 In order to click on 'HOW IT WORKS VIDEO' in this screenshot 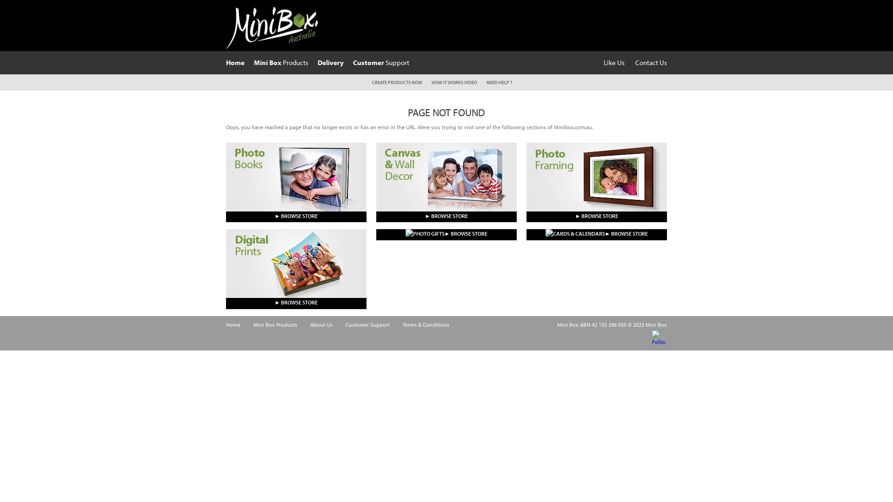, I will do `click(454, 82)`.